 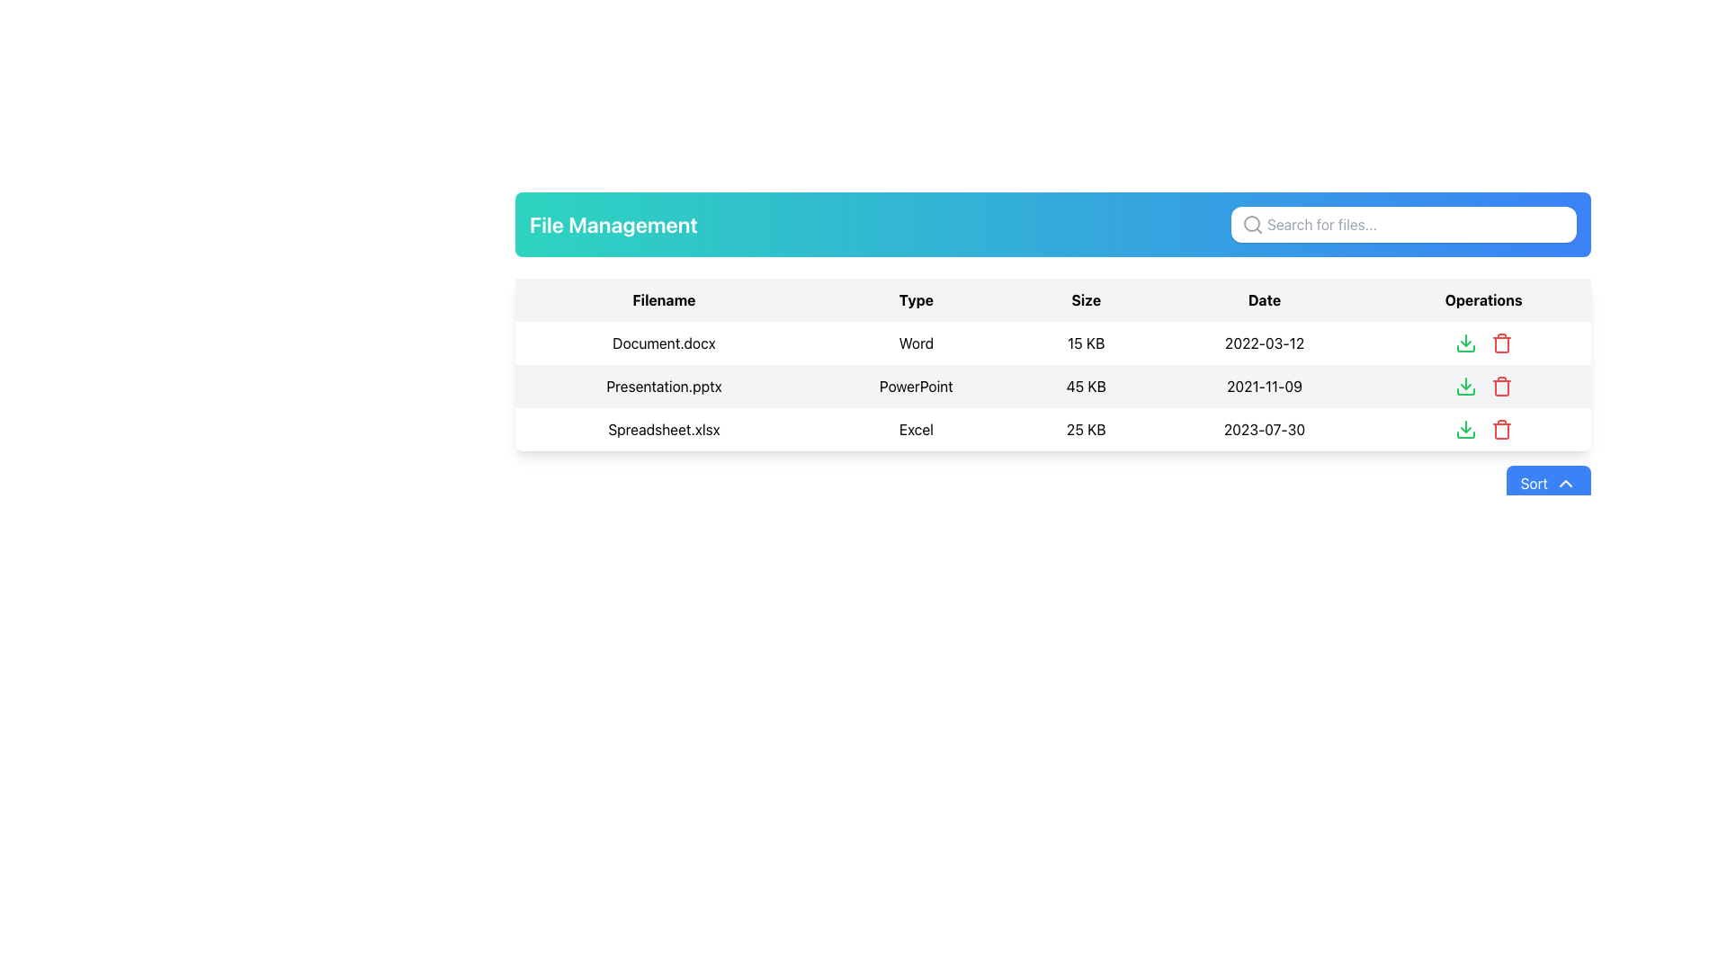 What do you see at coordinates (1085, 343) in the screenshot?
I see `the static text element that indicates the file size of the item in the first row of the 'File Management' table, located in the third column labeled 'Size', adjacent to 'Document.docx' and 'Word'` at bounding box center [1085, 343].